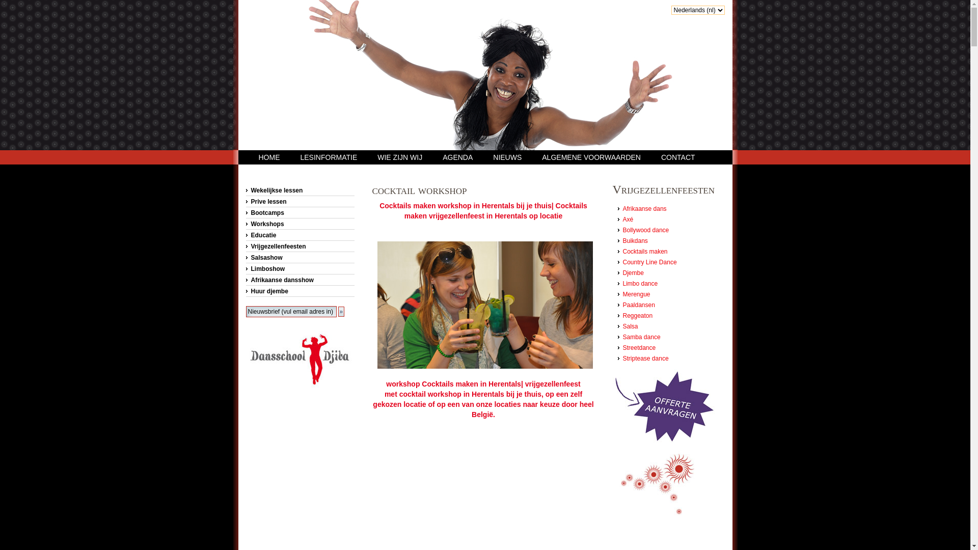 This screenshot has height=550, width=978. I want to click on 'Paaldansen', so click(638, 304).